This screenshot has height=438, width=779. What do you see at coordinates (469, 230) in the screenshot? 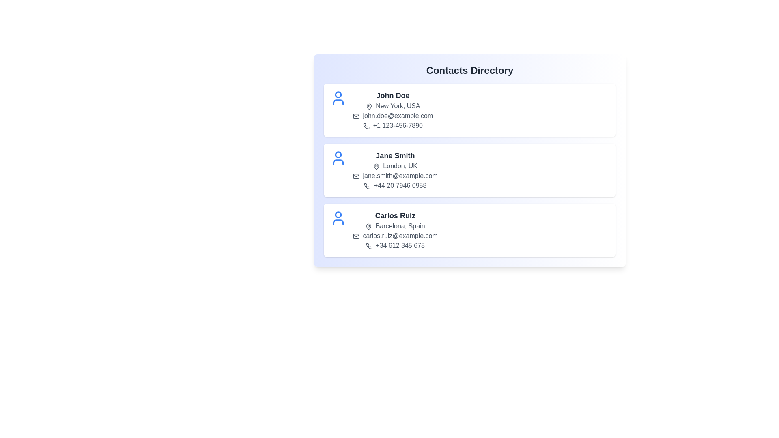
I see `the contact list item for Carlos Ruiz` at bounding box center [469, 230].